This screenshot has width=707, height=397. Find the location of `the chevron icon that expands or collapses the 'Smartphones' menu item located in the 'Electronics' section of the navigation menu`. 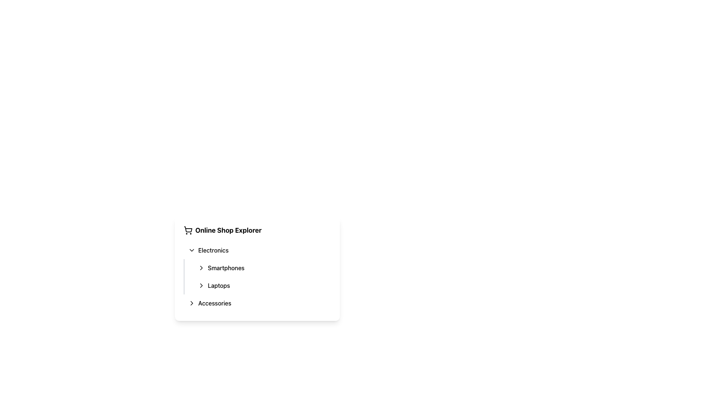

the chevron icon that expands or collapses the 'Smartphones' menu item located in the 'Electronics' section of the navigation menu is located at coordinates (201, 268).